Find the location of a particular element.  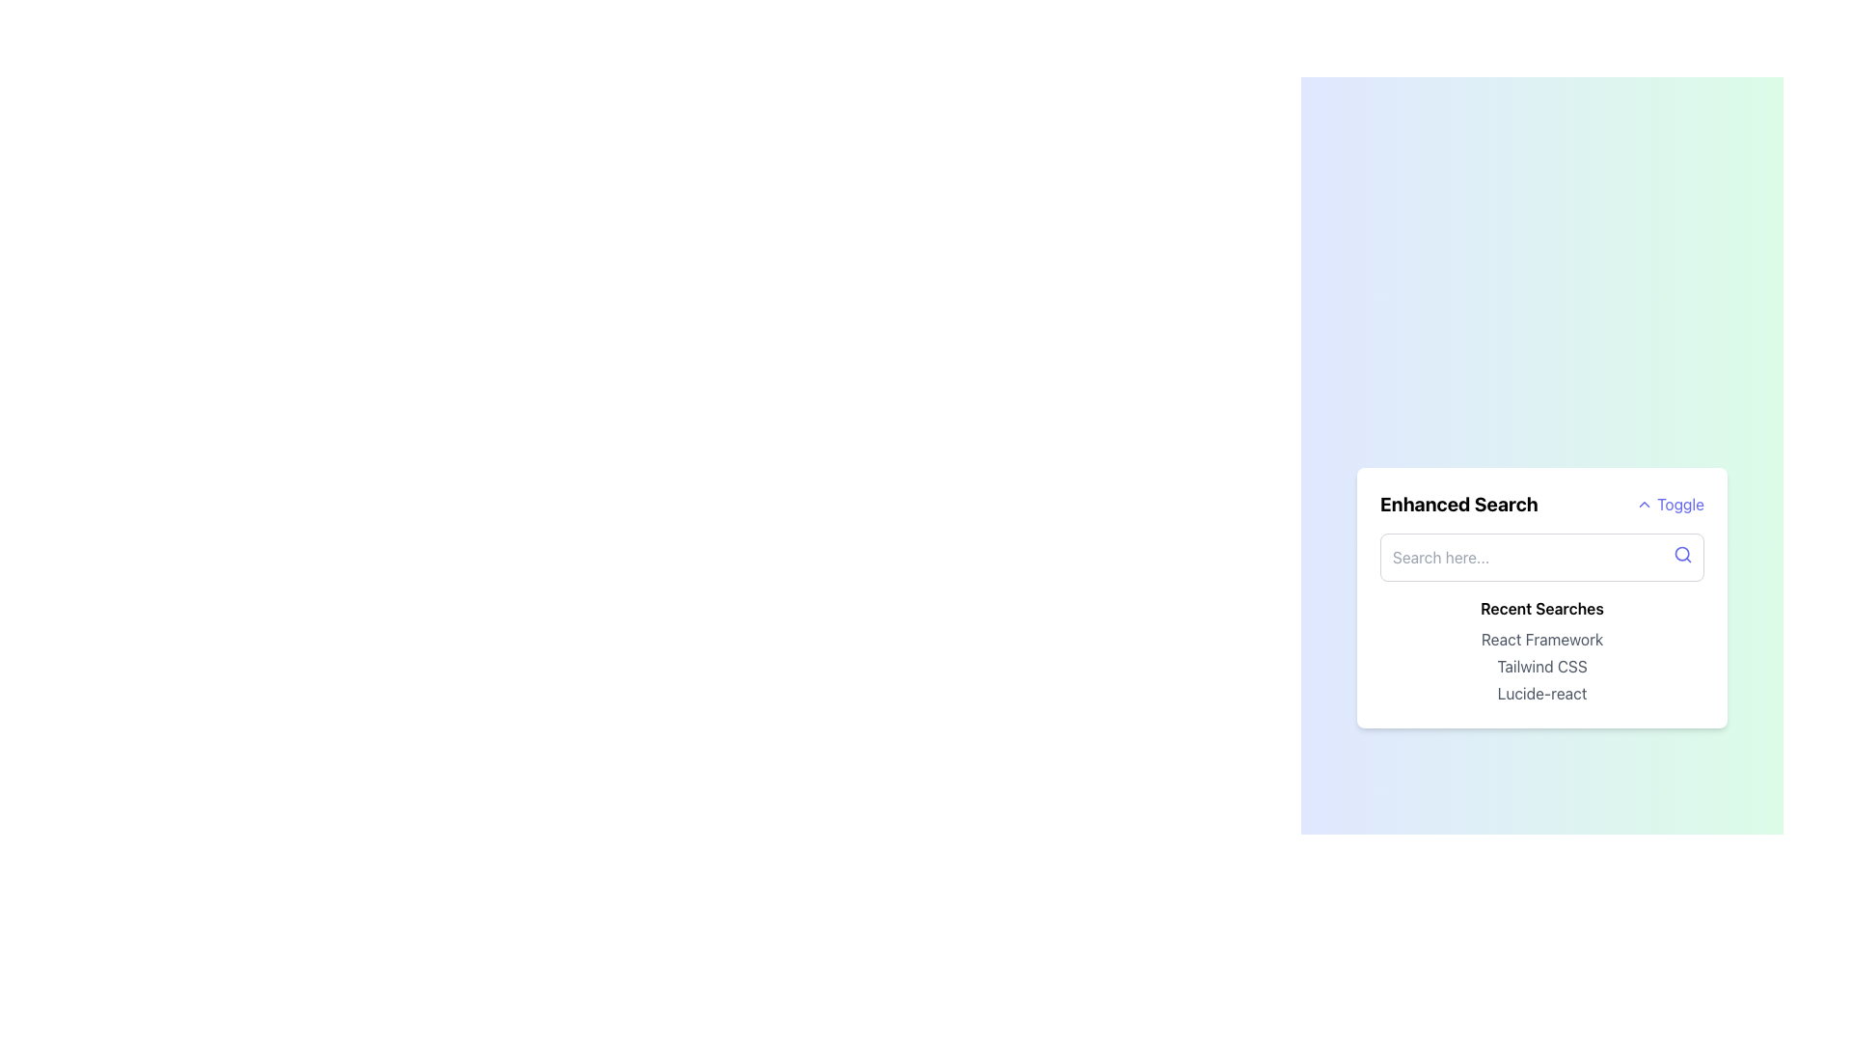

the 'Toggle' button with an upward chevron icon, which is styled with indigo text and is located in the 'Enhanced Search' header section is located at coordinates (1669, 504).